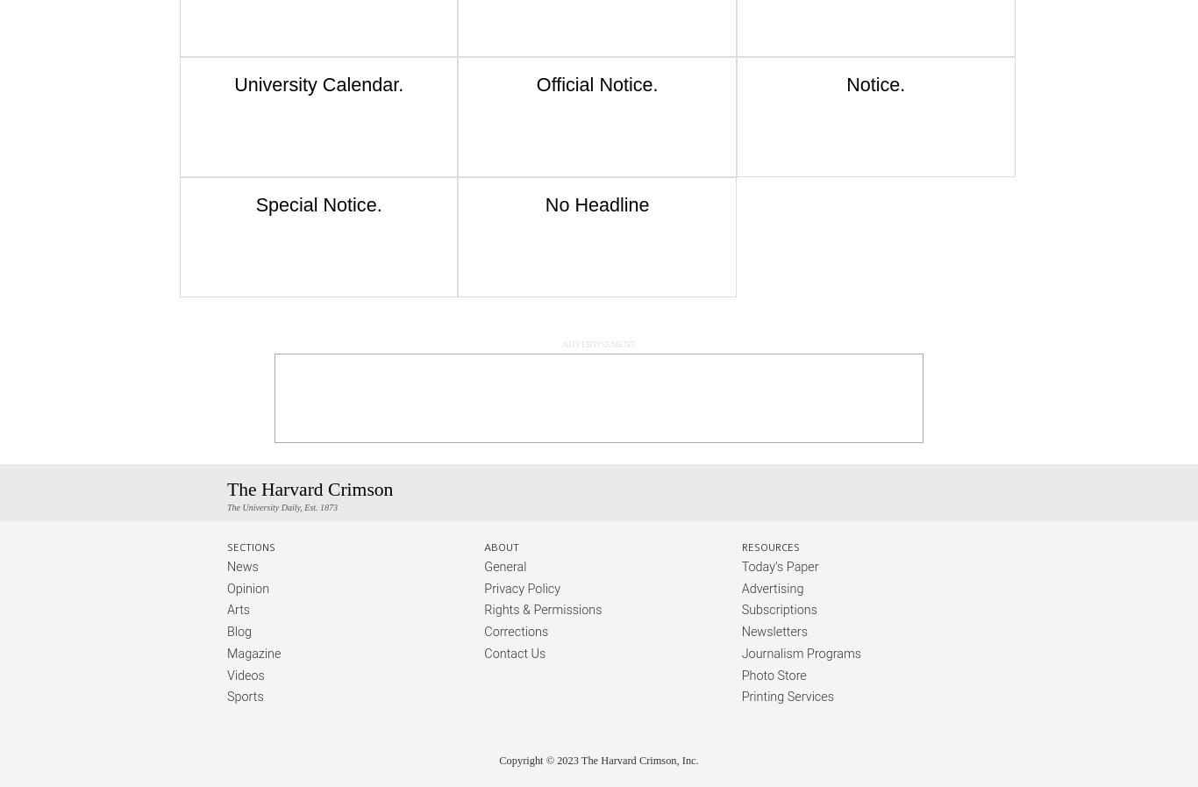 Image resolution: width=1198 pixels, height=787 pixels. Describe the element at coordinates (484, 566) in the screenshot. I see `'General'` at that location.